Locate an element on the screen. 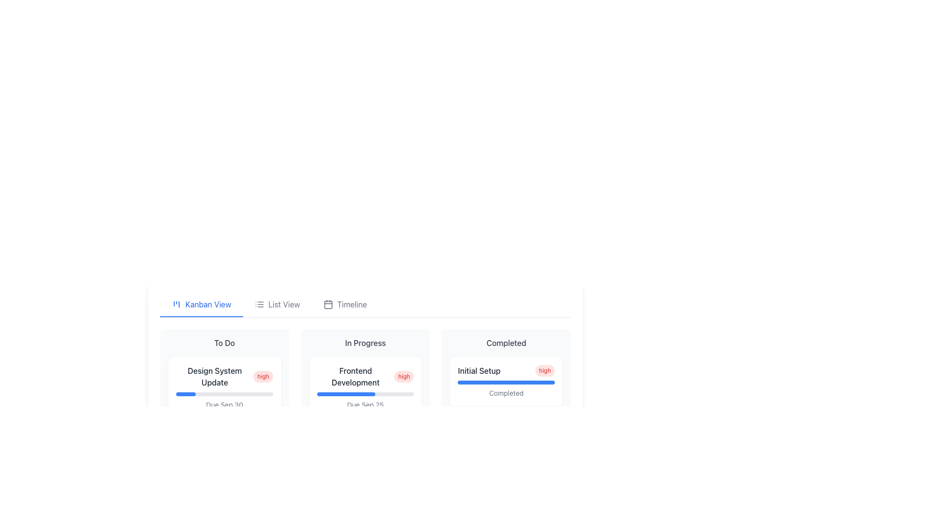 This screenshot has width=937, height=527. the Text label that conveys the title or name of the project or task, located within the 'Completed' column, above the status strip and aligned to the left of the 'high' indicator badge is located at coordinates (479, 370).